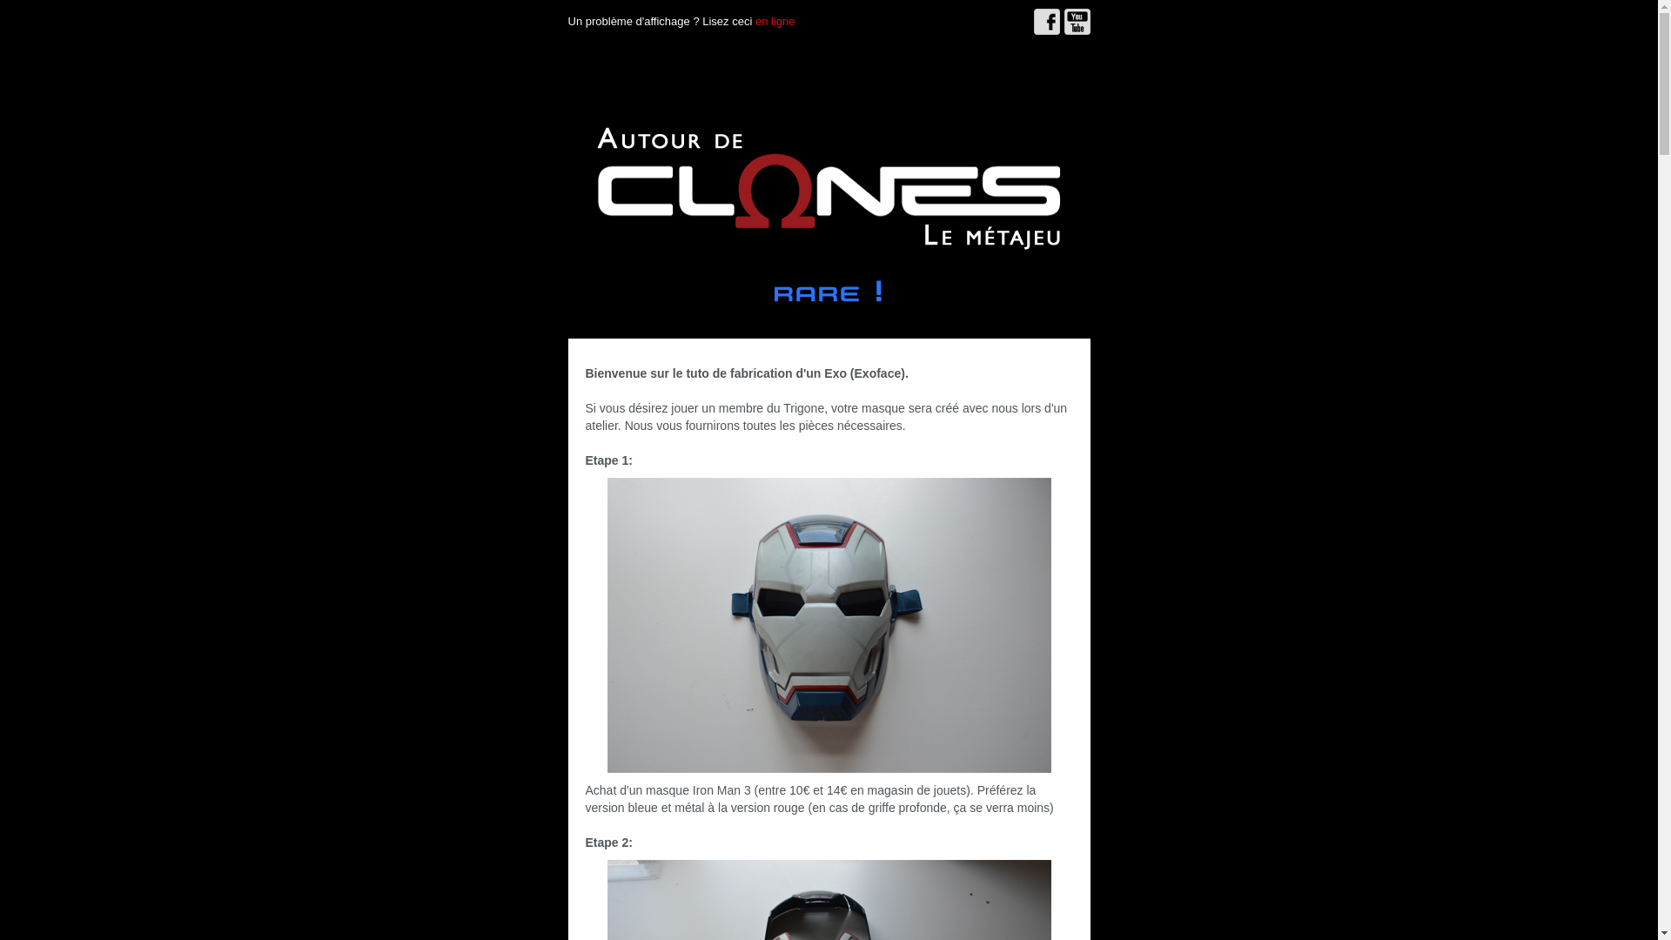 This screenshot has width=1671, height=940. Describe the element at coordinates (755, 21) in the screenshot. I see `'en ligne'` at that location.